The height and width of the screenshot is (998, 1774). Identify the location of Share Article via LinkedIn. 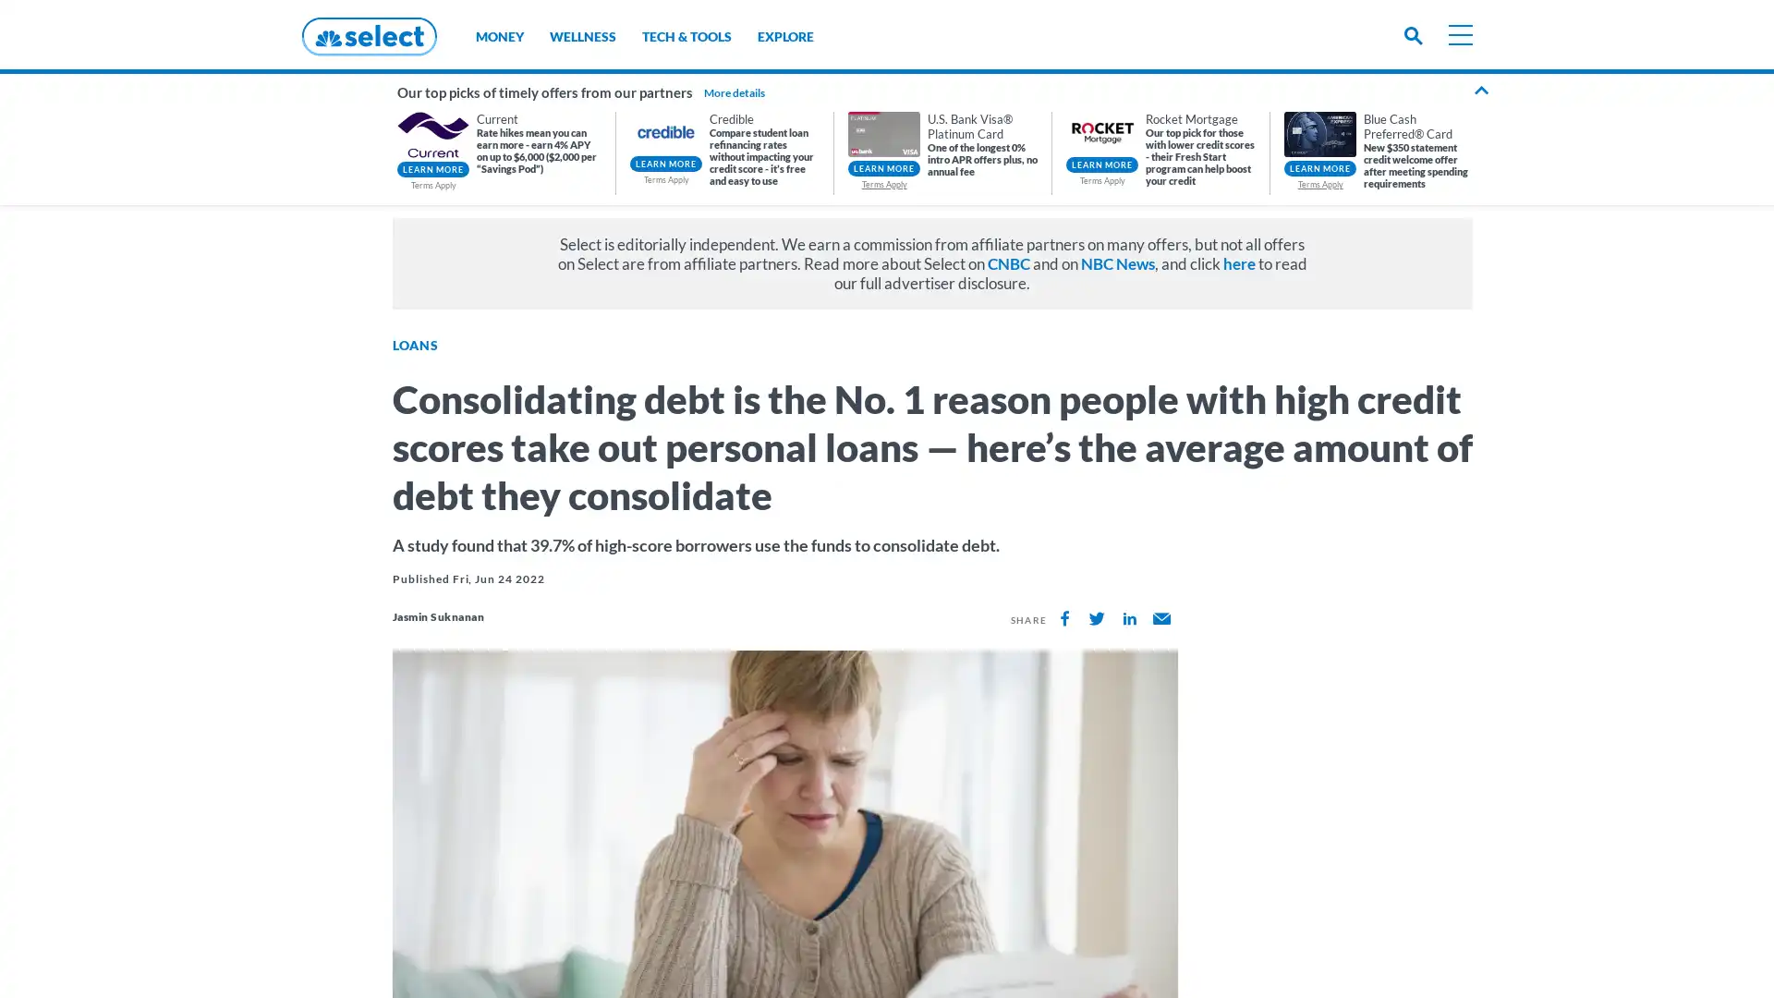
(1127, 618).